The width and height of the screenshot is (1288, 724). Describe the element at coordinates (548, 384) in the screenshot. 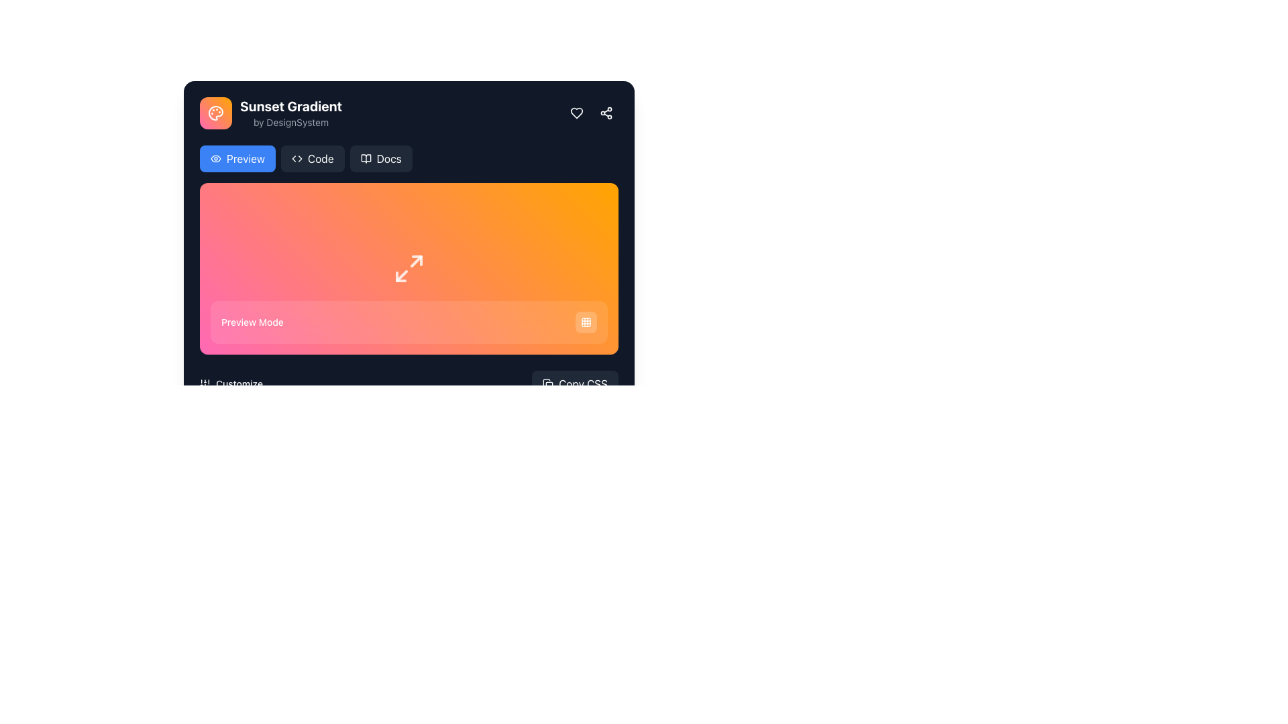

I see `the copy action icon located within the 'Copy CSS' button at the bottom-right corner of the main interface` at that location.